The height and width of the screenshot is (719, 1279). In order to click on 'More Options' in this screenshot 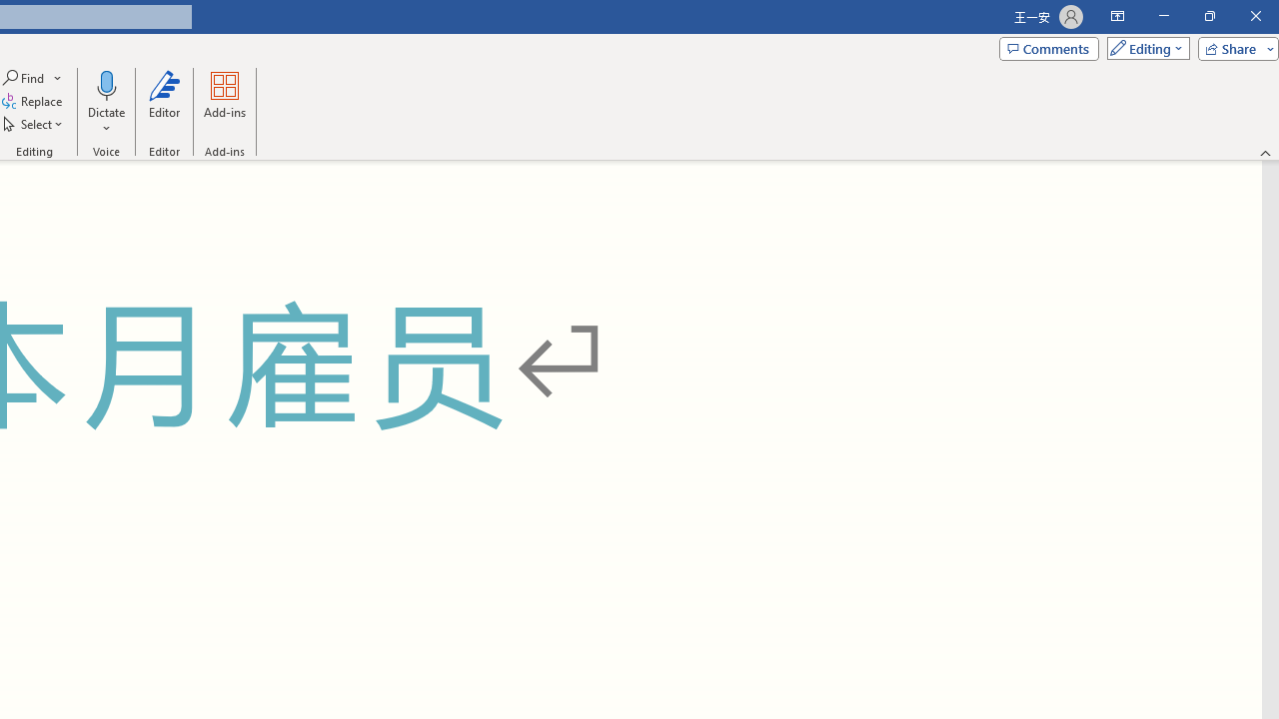, I will do `click(105, 121)`.